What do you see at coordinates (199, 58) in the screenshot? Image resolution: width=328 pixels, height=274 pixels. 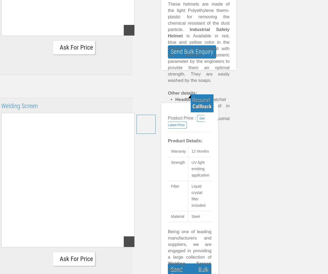 I see `'is Available in red, blue and yellow color in the market. It is developed with the different numeric parameter by the engineers to provide them an optimal strength. They are easily washed by the soaps.'` at bounding box center [199, 58].